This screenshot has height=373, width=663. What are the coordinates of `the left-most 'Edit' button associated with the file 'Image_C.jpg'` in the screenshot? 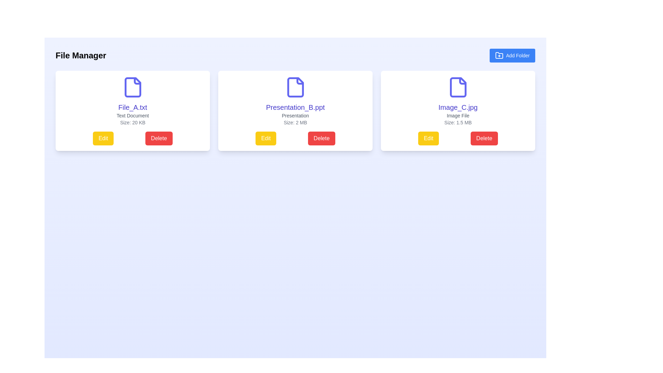 It's located at (428, 138).